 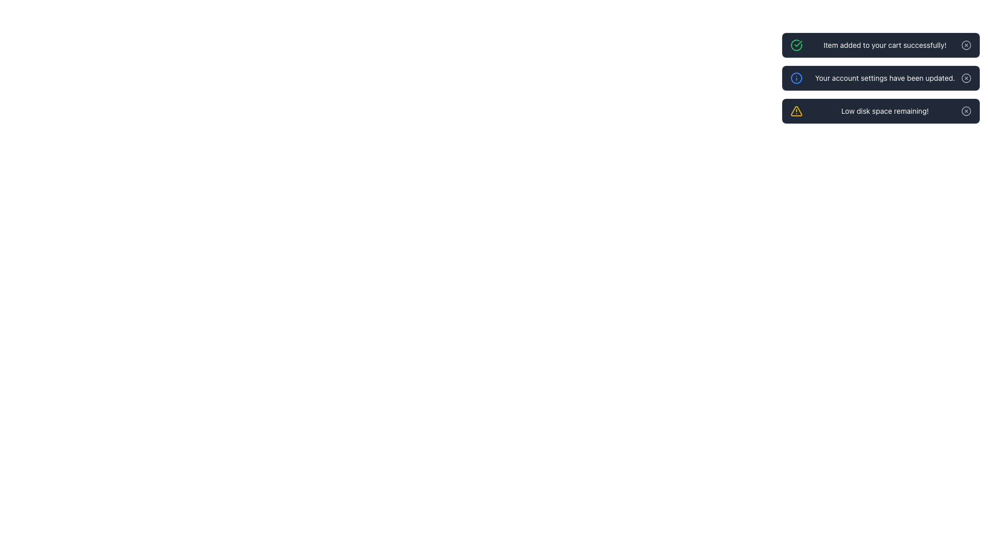 I want to click on the graphical icon component, which is the primary circle in the notification stating 'Your account settings have been updated.', so click(x=796, y=77).